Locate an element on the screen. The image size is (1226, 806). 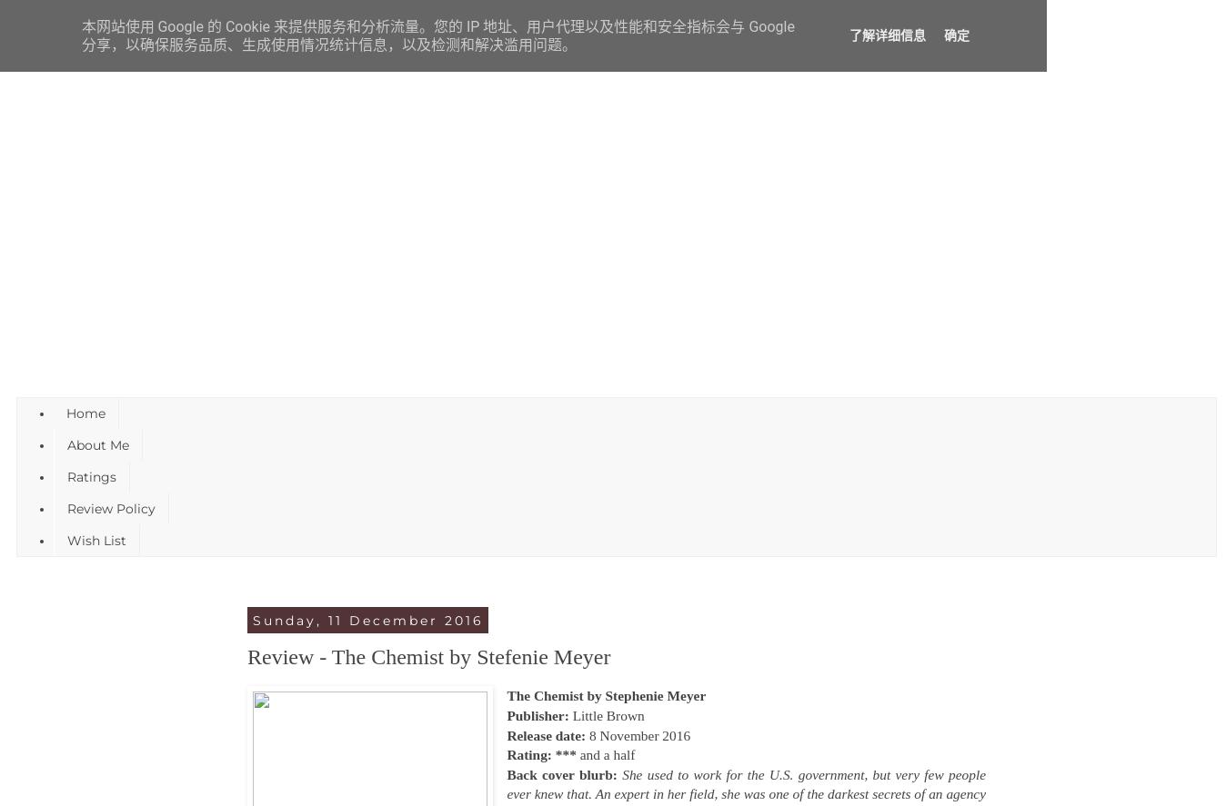
'Rating: ***' is located at coordinates (543, 754).